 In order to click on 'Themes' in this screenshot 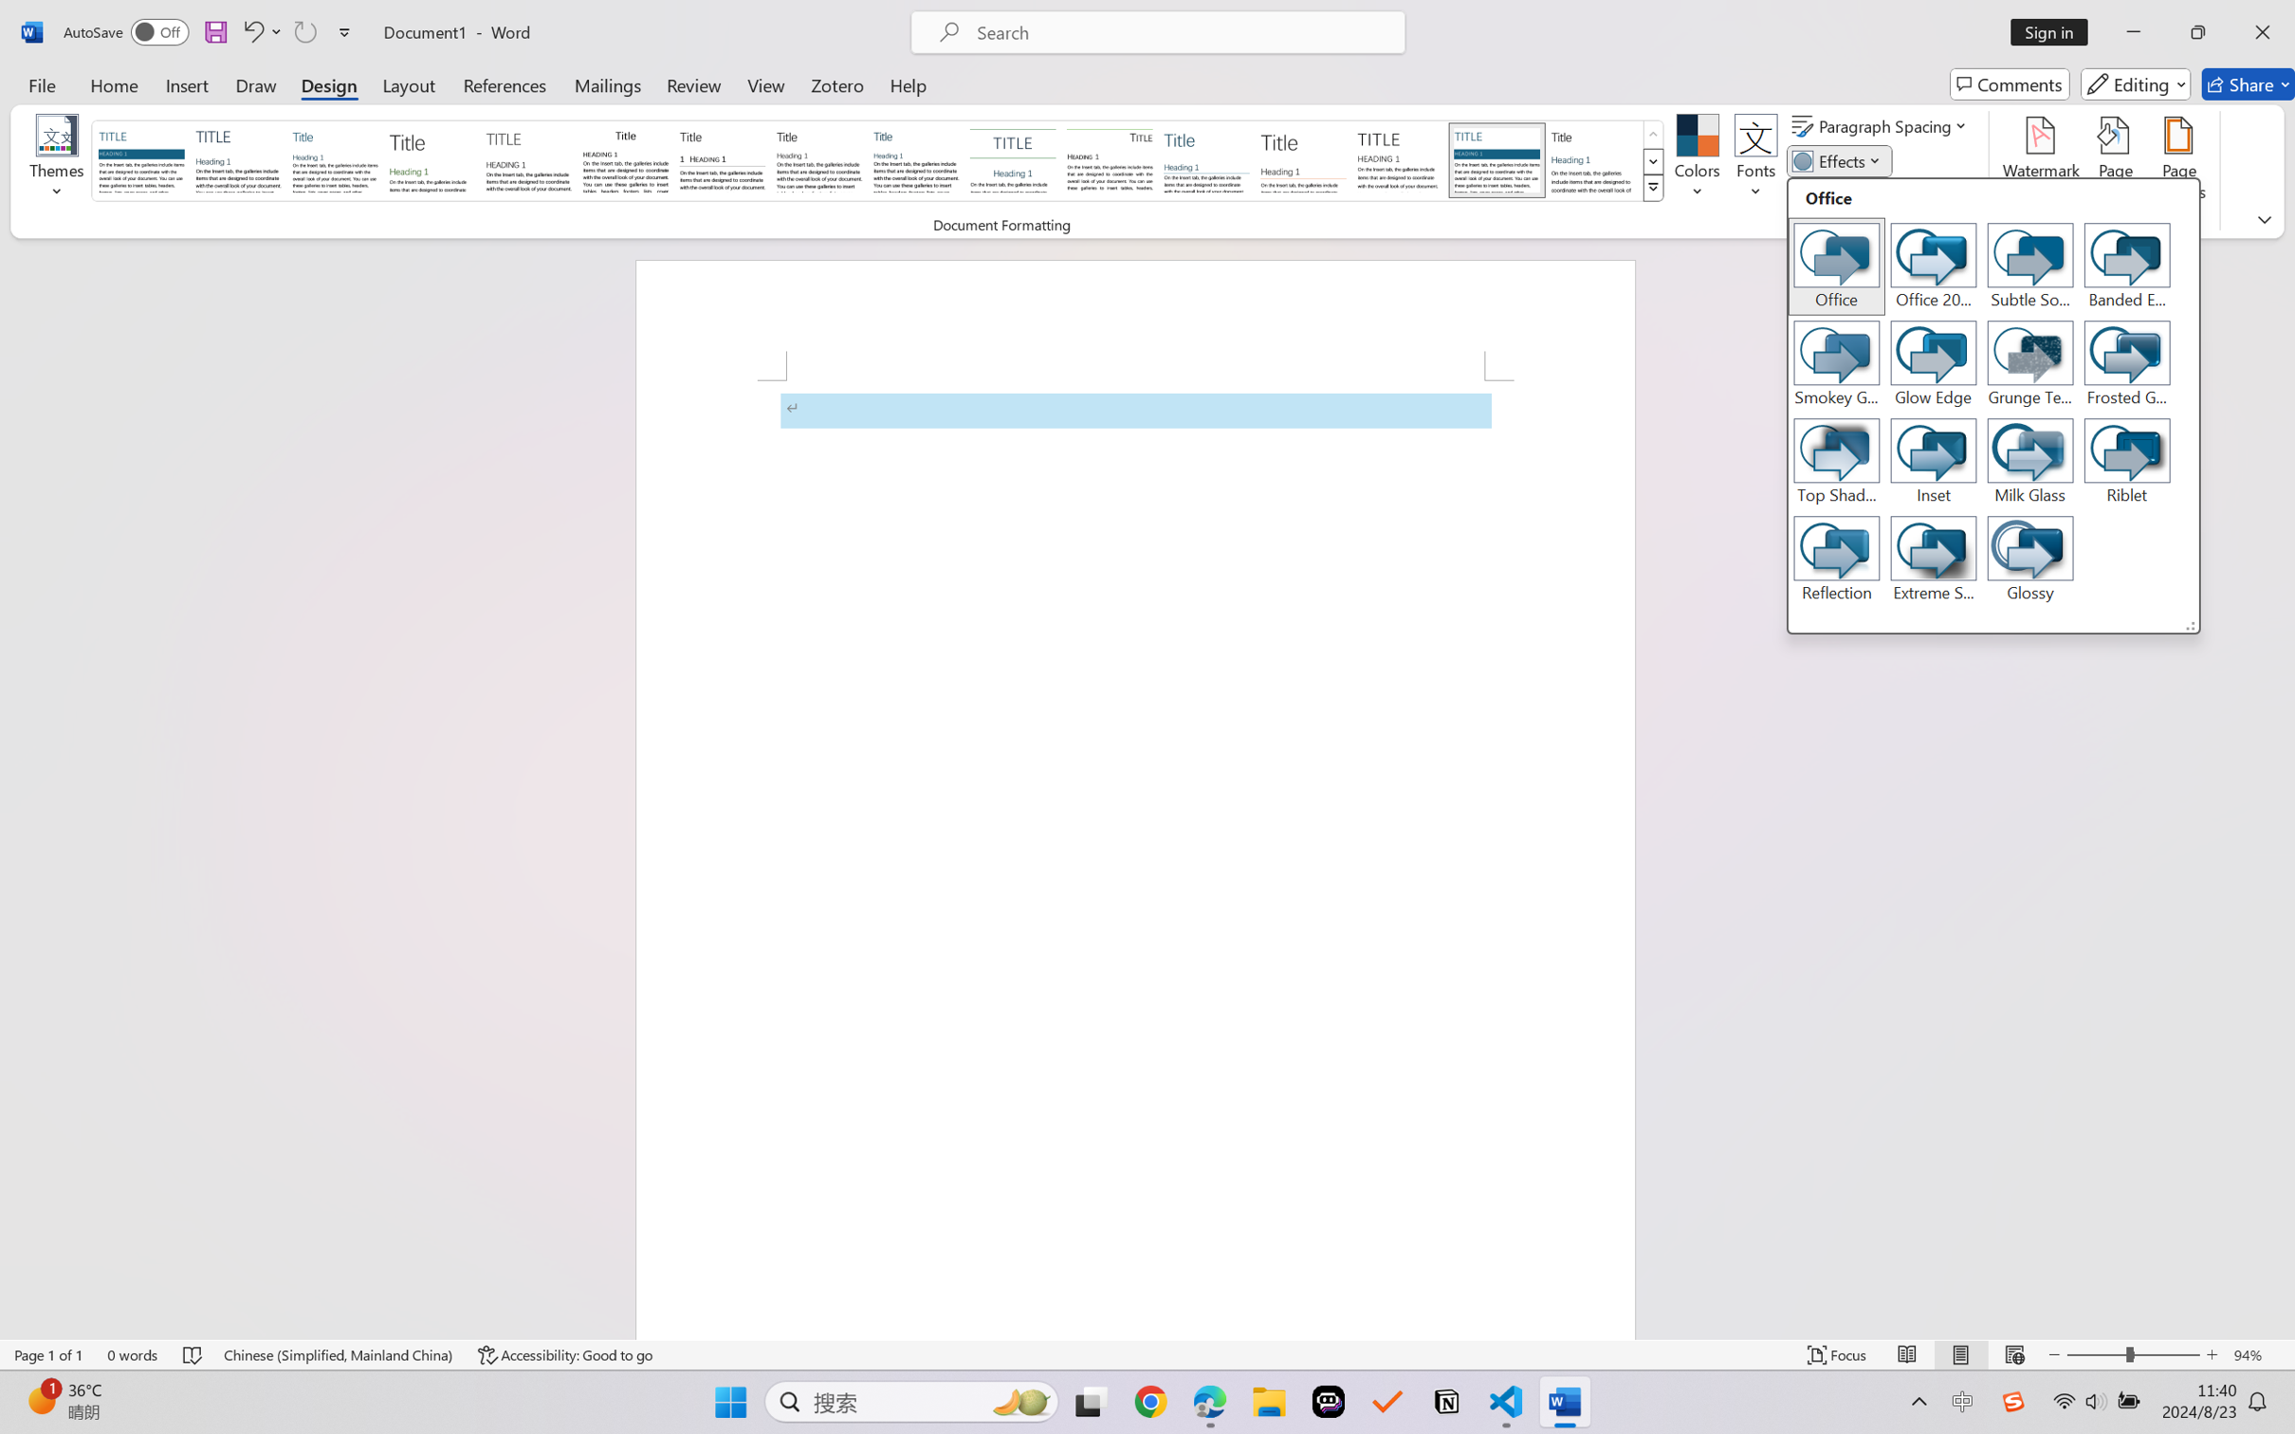, I will do `click(57, 161)`.